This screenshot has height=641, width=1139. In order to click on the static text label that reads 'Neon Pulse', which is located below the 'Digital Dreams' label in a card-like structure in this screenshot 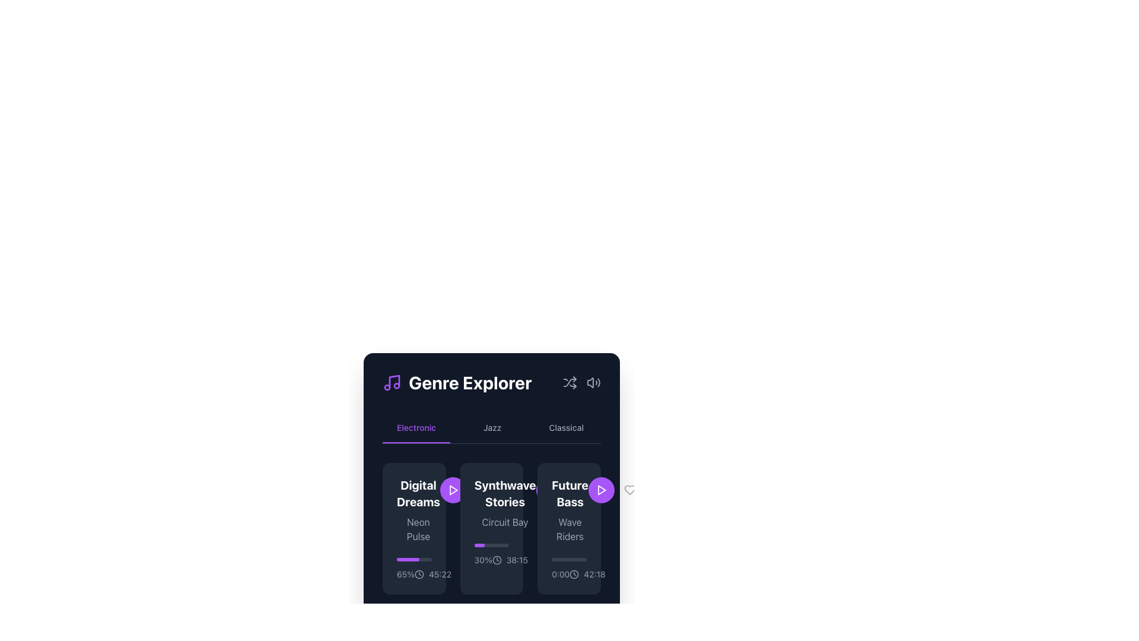, I will do `click(418, 528)`.